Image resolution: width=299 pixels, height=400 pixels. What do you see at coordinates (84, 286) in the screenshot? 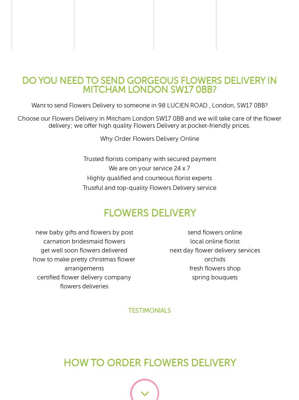
I see `'flowers deliveries'` at bounding box center [84, 286].